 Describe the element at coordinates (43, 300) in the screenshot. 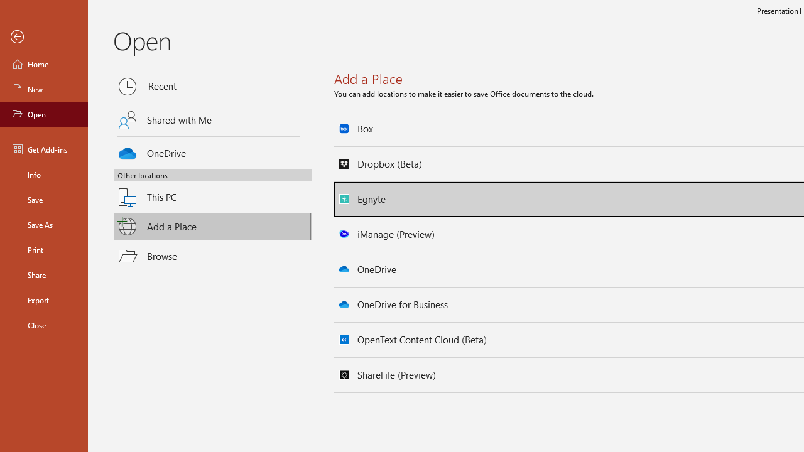

I see `'Export'` at that location.